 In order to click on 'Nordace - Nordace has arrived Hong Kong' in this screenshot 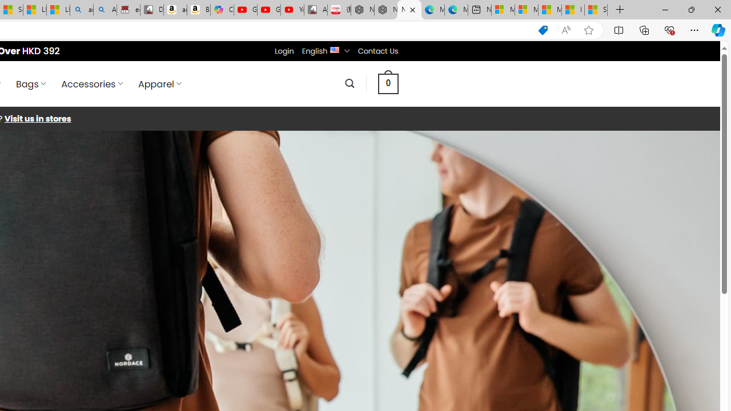, I will do `click(409, 10)`.